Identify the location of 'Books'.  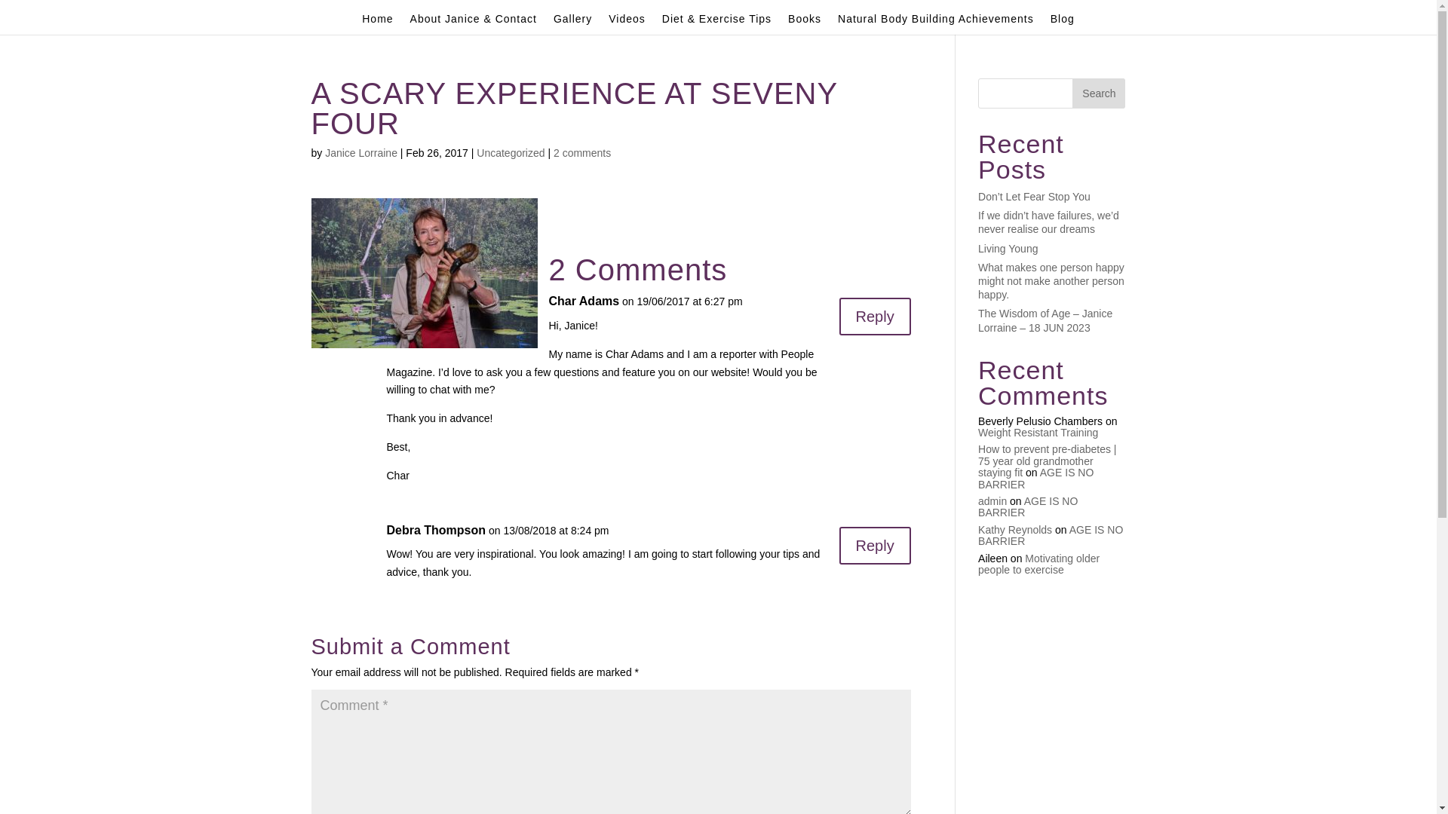
(803, 23).